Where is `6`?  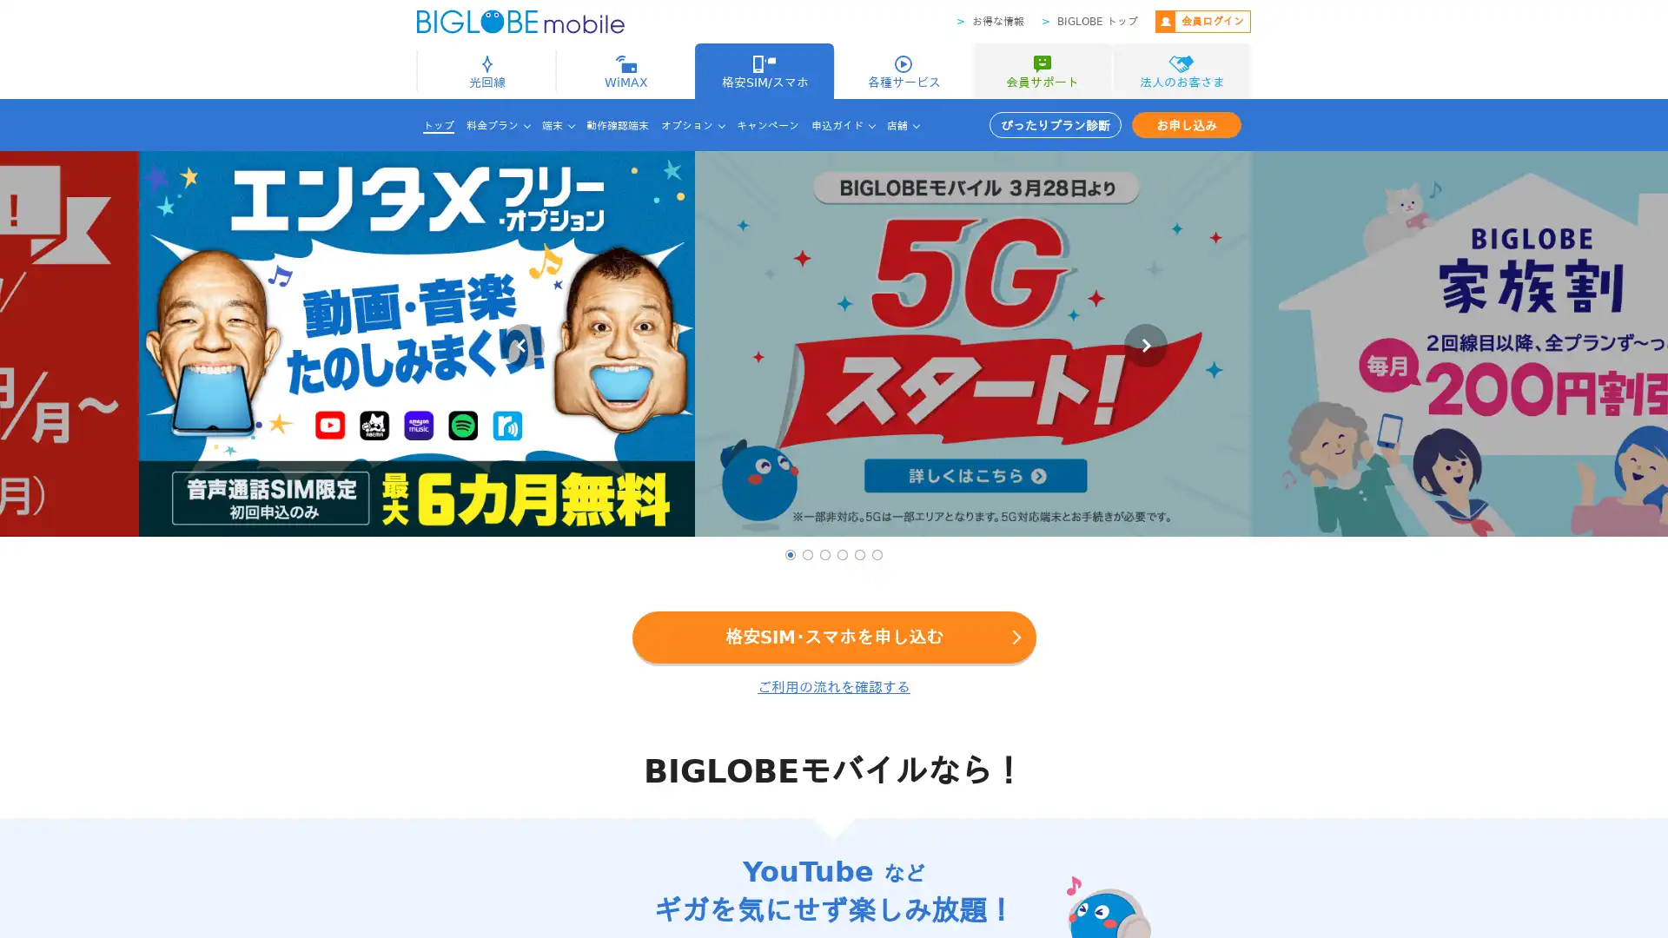 6 is located at coordinates (877, 555).